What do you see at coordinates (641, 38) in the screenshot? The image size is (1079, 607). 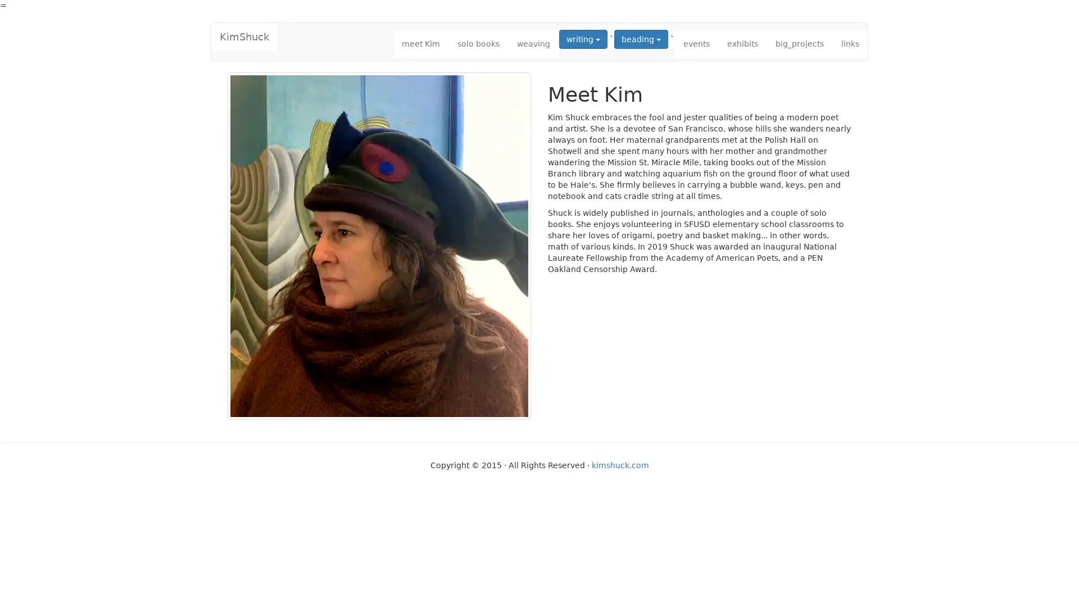 I see `beading` at bounding box center [641, 38].